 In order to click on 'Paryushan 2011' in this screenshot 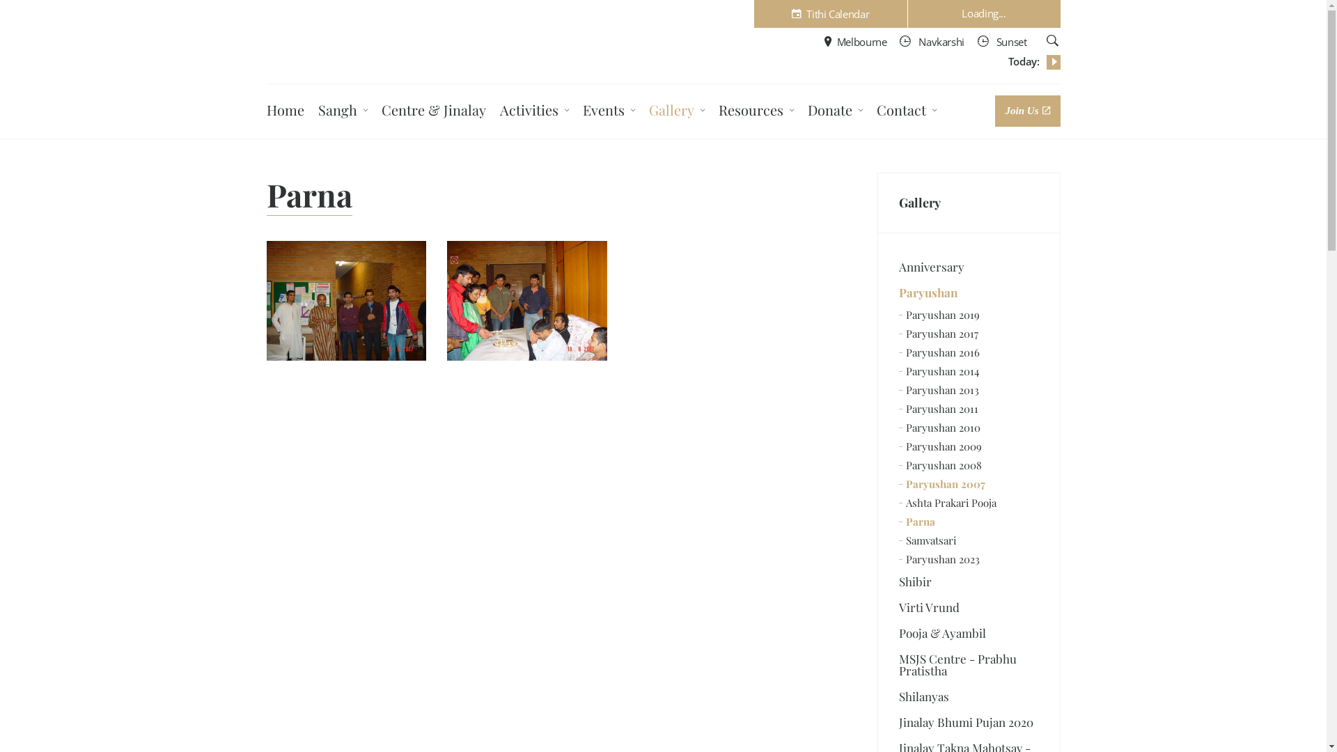, I will do `click(968, 408)`.